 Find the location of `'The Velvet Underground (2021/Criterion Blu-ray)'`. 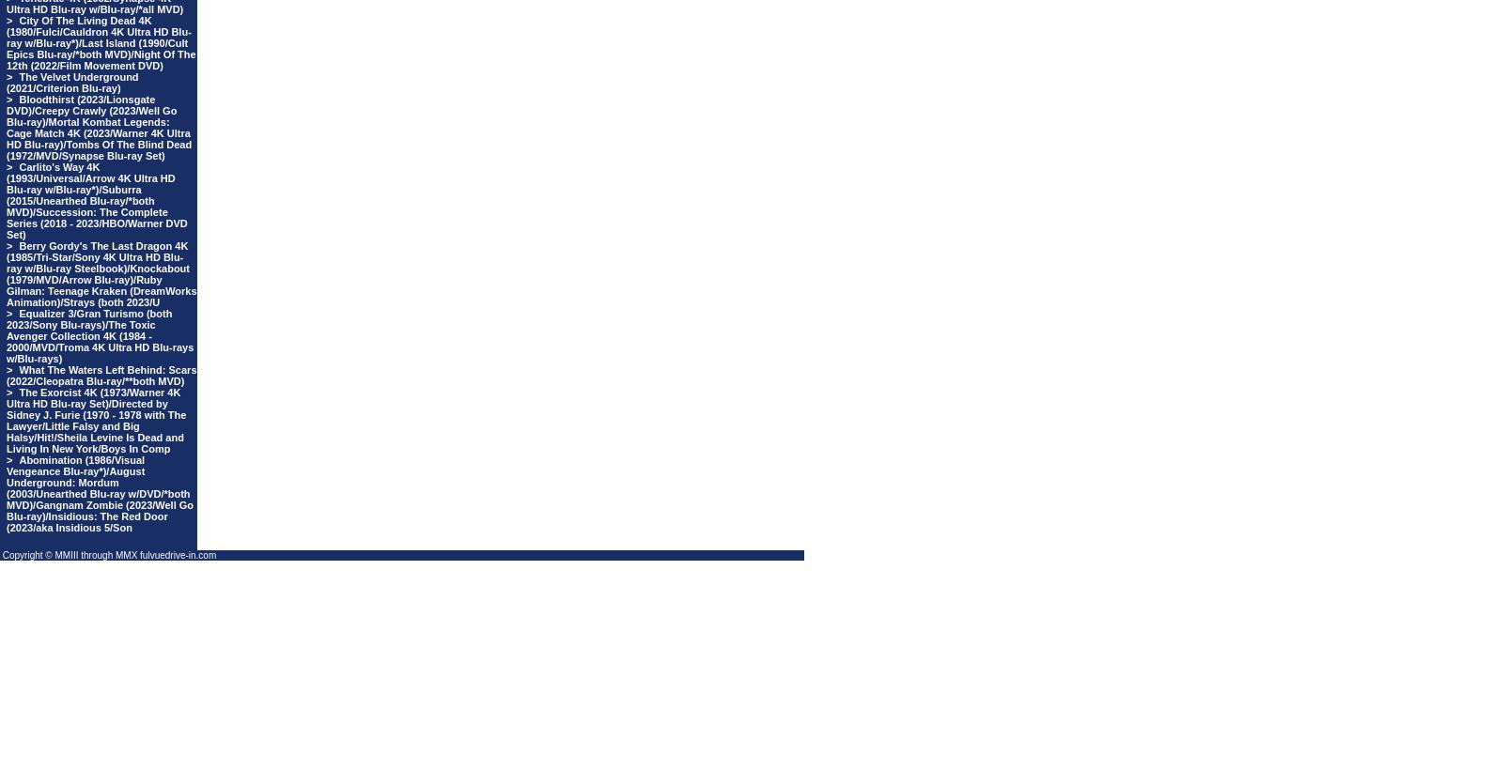

'The Velvet Underground (2021/Criterion Blu-ray)' is located at coordinates (6, 82).